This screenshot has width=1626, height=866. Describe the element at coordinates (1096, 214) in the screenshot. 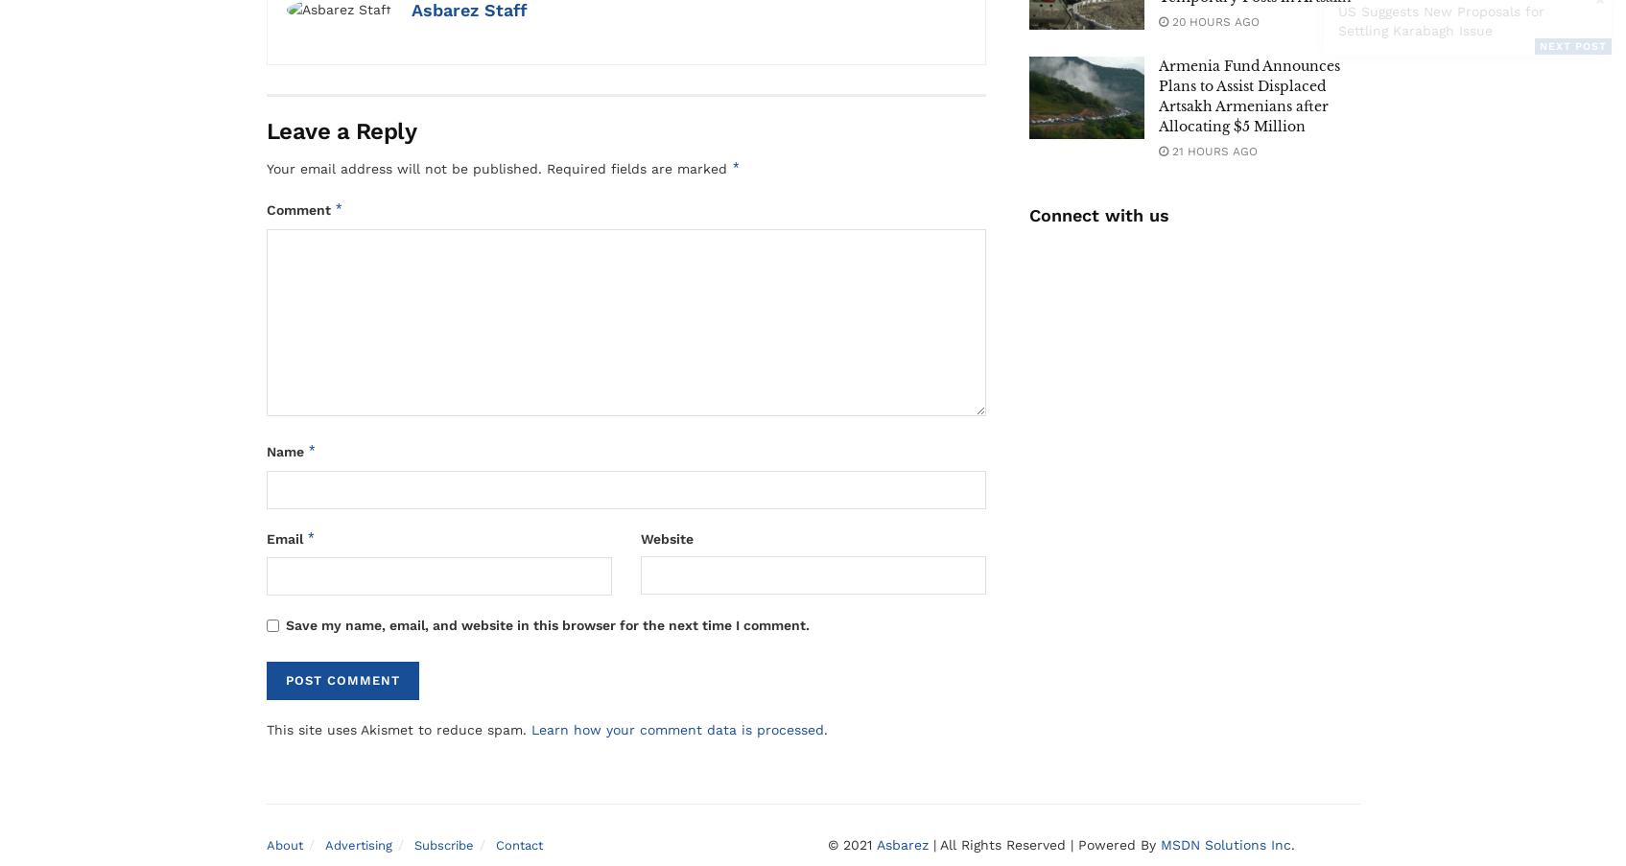

I see `'Connect with us'` at that location.